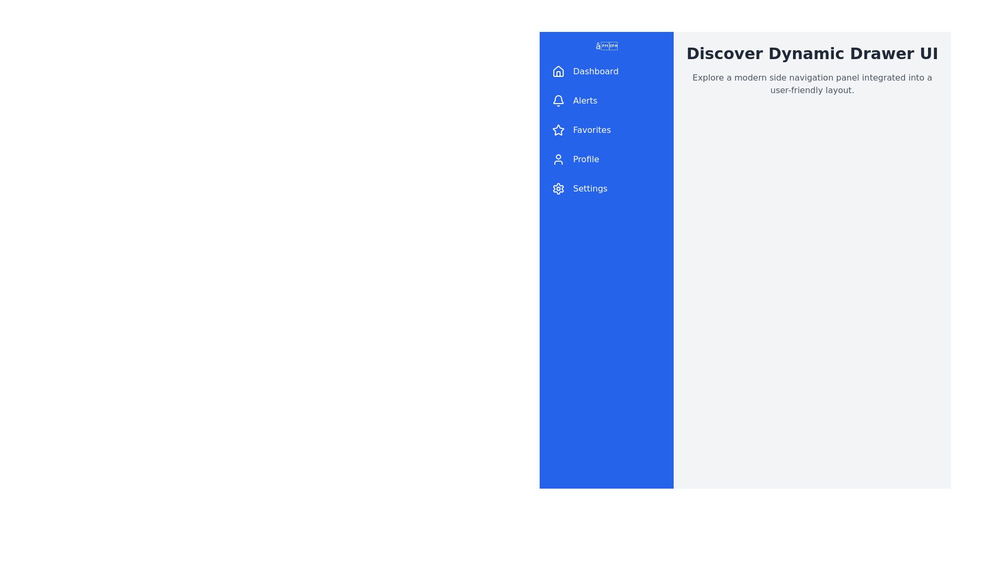 This screenshot has height=565, width=1005. What do you see at coordinates (592, 130) in the screenshot?
I see `the 'Favorites' text element in the left-side vertical navigation menu, which is the third item from the top, positioned below 'Alerts' and above 'Profile'` at bounding box center [592, 130].